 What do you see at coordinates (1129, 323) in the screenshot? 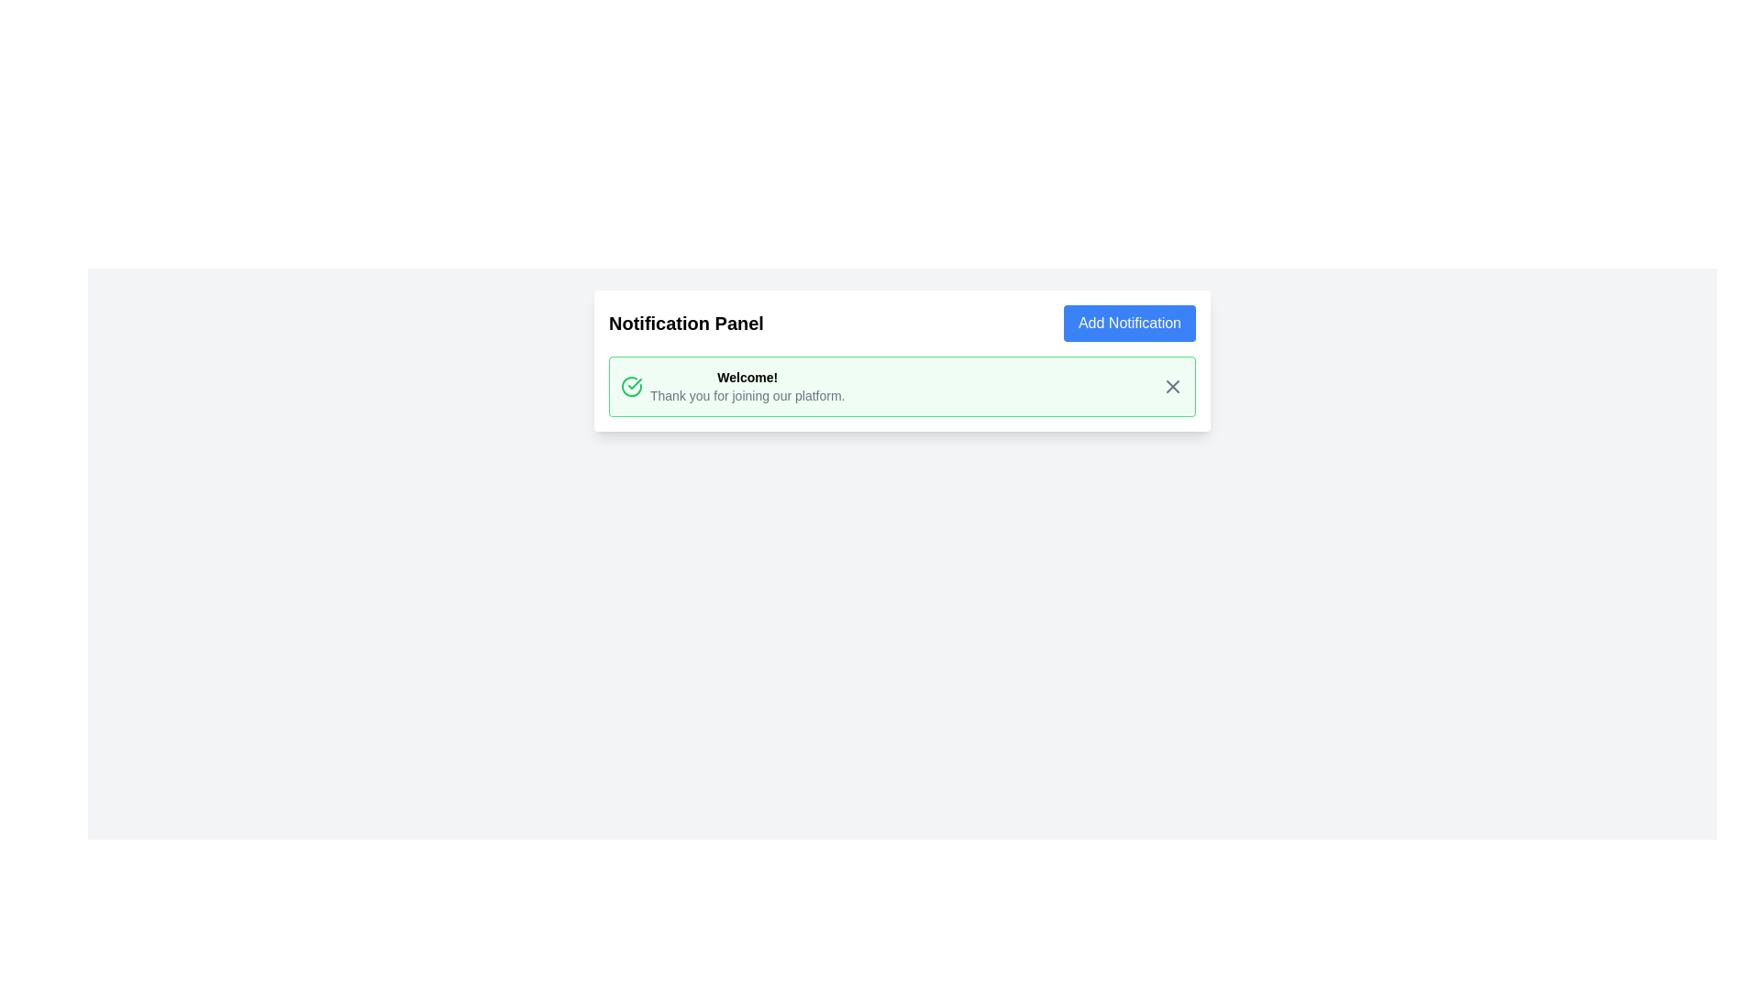
I see `the 'Add Notification' button located at the upper-right corner of the 'Notification Panel'` at bounding box center [1129, 323].